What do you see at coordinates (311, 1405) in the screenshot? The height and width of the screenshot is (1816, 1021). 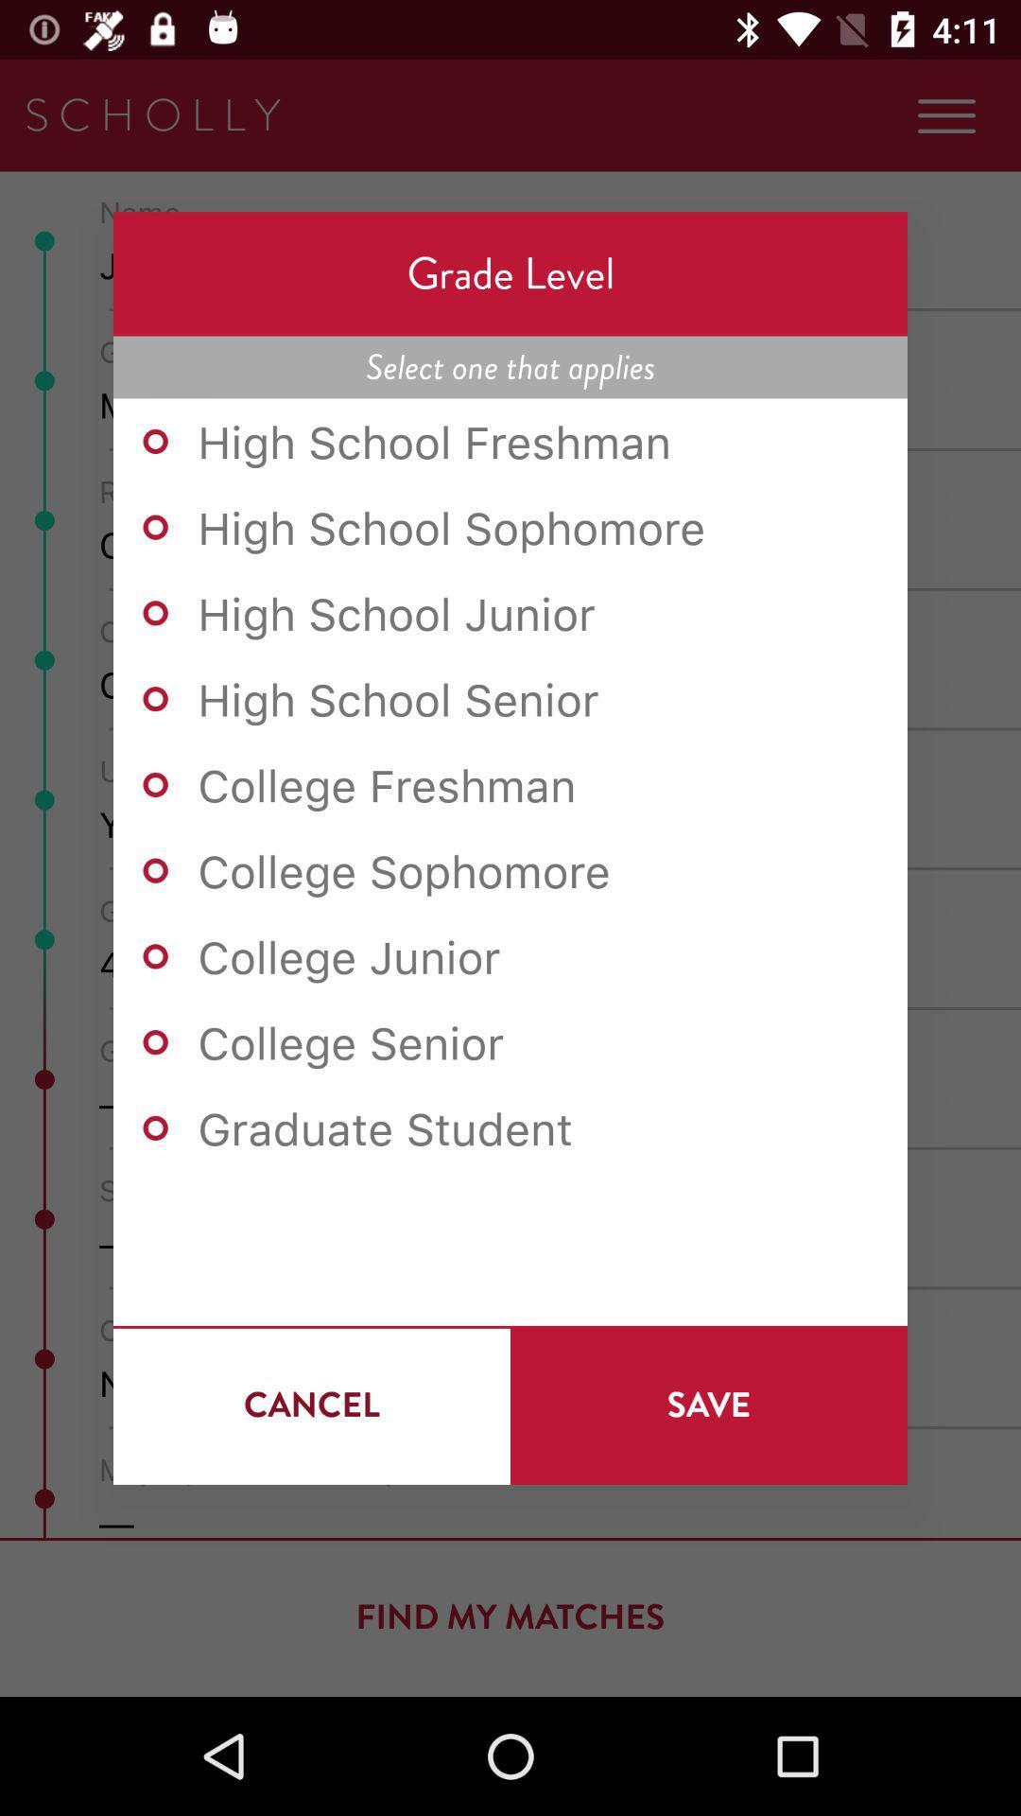 I see `icon to the left of the save` at bounding box center [311, 1405].